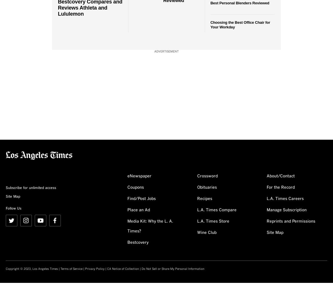  I want to click on 'Reprints and Permissions', so click(291, 221).